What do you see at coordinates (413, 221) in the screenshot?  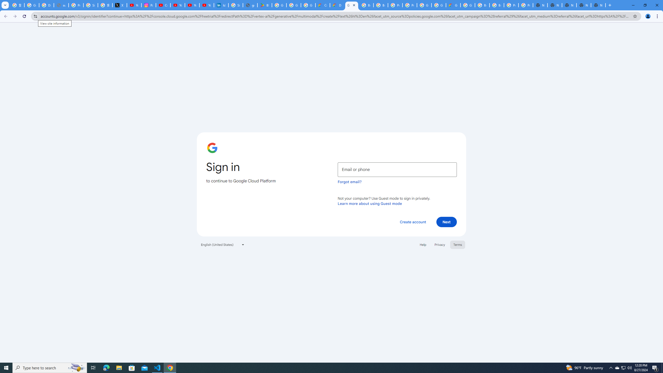 I see `'Create account'` at bounding box center [413, 221].